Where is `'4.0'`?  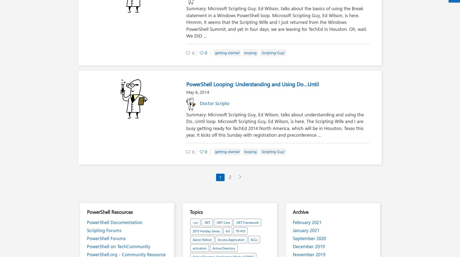
'4.0' is located at coordinates (228, 230).